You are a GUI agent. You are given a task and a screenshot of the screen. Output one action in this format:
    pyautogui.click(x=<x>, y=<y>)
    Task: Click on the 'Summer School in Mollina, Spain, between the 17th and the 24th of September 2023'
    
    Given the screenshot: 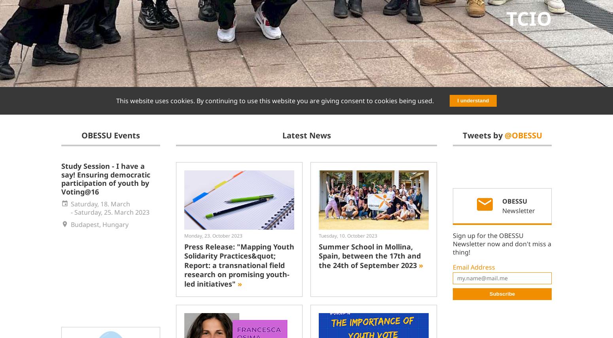 What is the action you would take?
    pyautogui.click(x=369, y=255)
    